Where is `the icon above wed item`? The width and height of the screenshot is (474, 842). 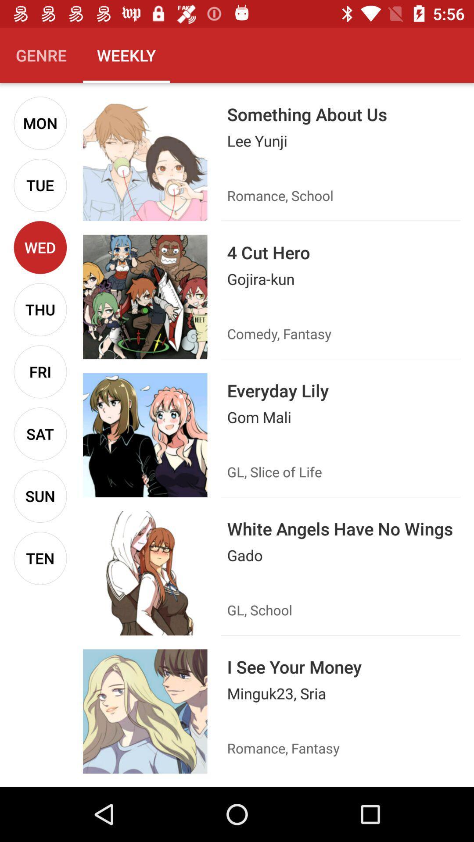
the icon above wed item is located at coordinates (40, 185).